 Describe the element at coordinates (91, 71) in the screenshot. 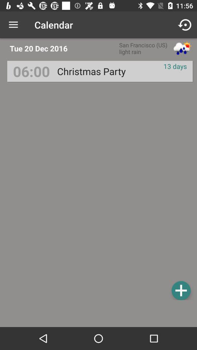

I see `item to the left of the 13 days item` at that location.